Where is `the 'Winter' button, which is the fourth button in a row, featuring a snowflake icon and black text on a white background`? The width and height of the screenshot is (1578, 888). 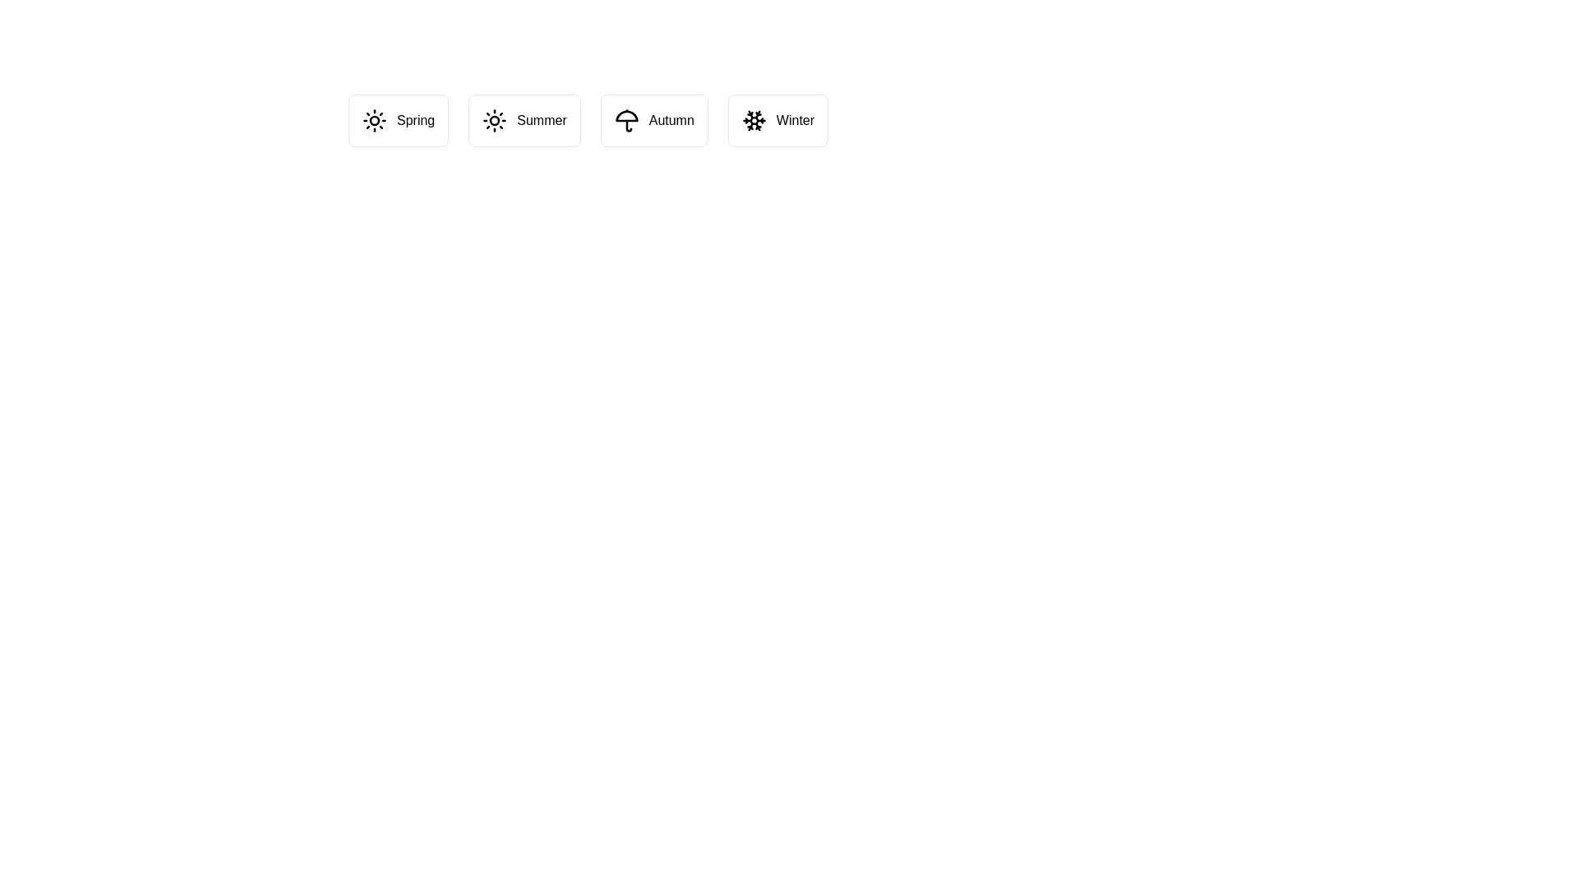 the 'Winter' button, which is the fourth button in a row, featuring a snowflake icon and black text on a white background is located at coordinates (777, 119).